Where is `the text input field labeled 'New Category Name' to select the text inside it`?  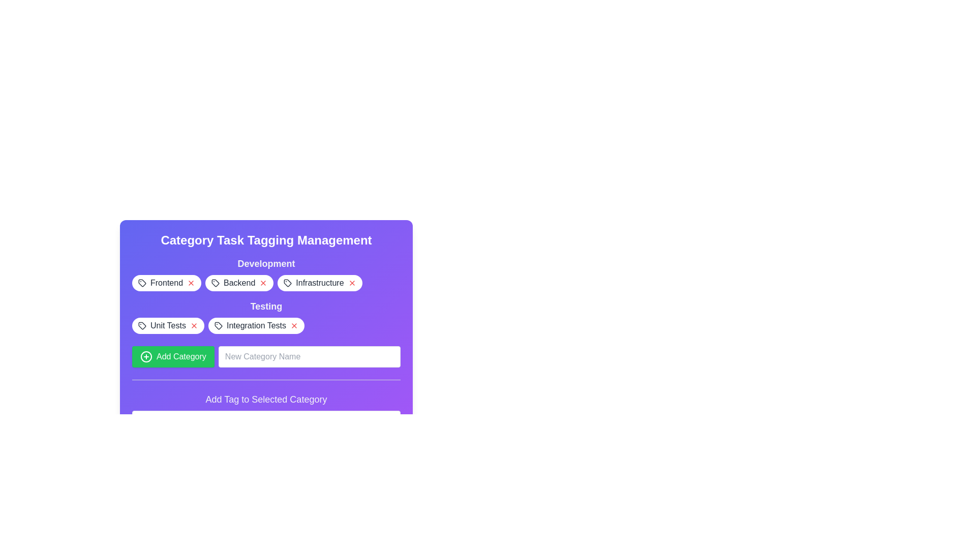 the text input field labeled 'New Category Name' to select the text inside it is located at coordinates (266, 344).